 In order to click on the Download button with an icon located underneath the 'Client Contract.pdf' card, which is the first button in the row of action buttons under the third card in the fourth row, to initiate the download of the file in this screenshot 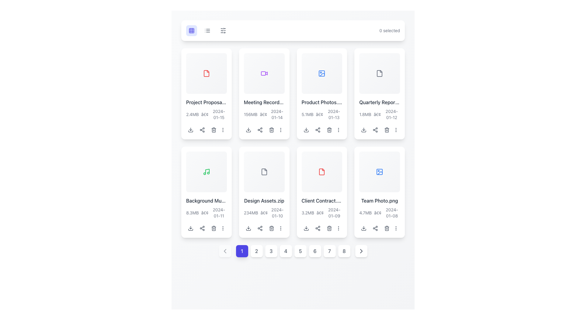, I will do `click(306, 228)`.